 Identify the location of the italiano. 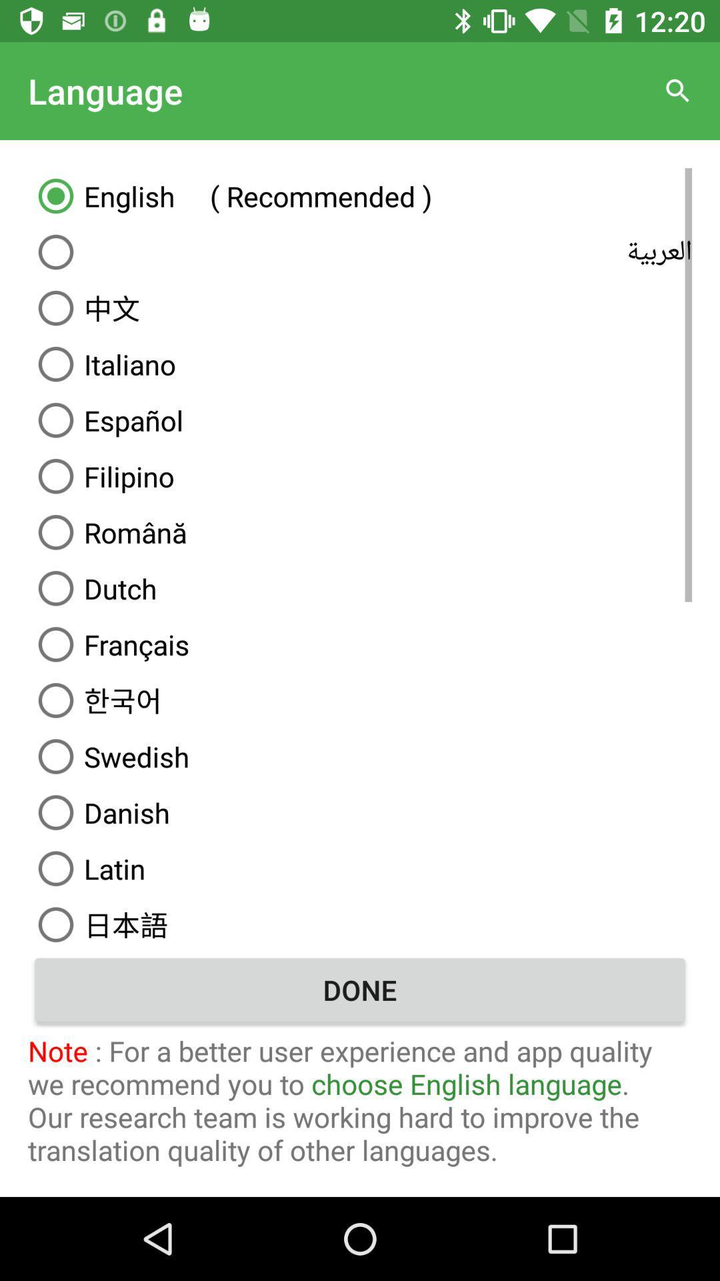
(360, 364).